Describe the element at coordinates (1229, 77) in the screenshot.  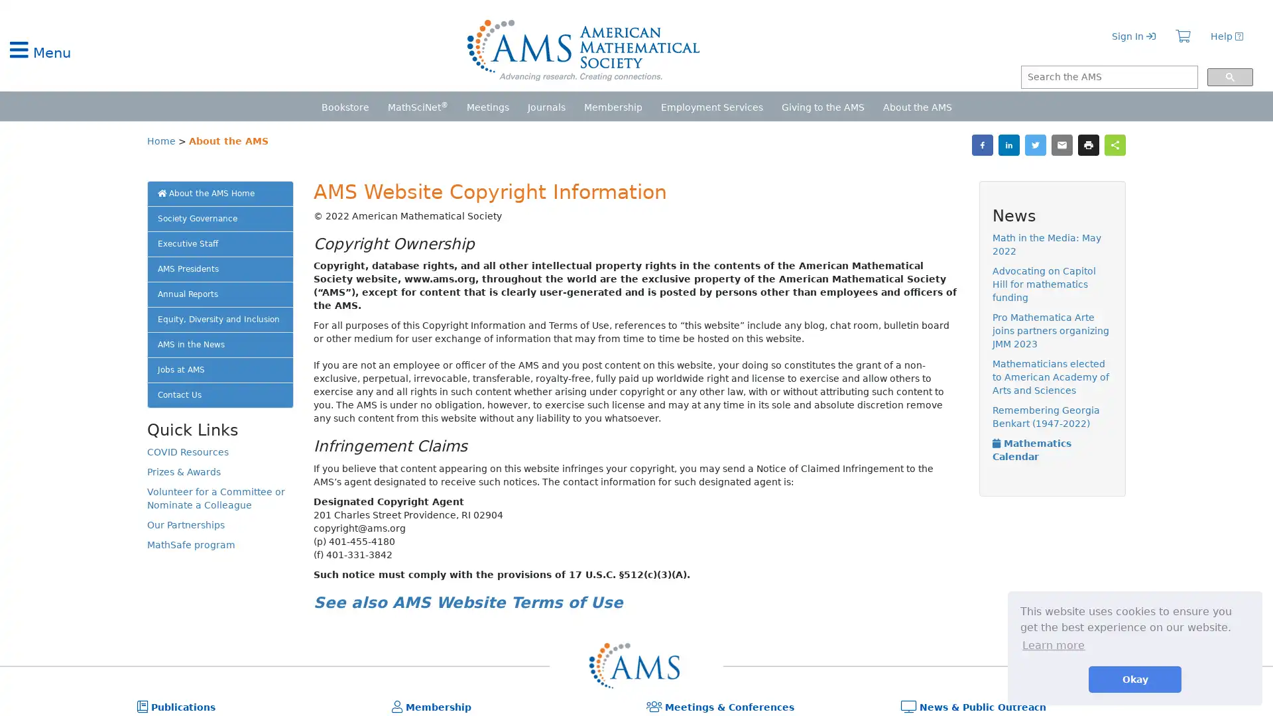
I see `search` at that location.